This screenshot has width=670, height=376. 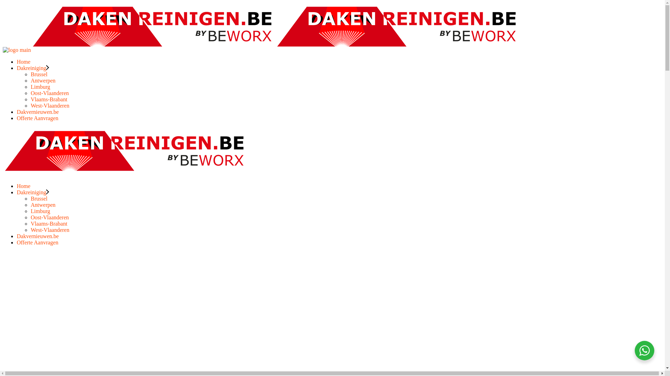 What do you see at coordinates (37, 236) in the screenshot?
I see `'Dakvernieuwen.be'` at bounding box center [37, 236].